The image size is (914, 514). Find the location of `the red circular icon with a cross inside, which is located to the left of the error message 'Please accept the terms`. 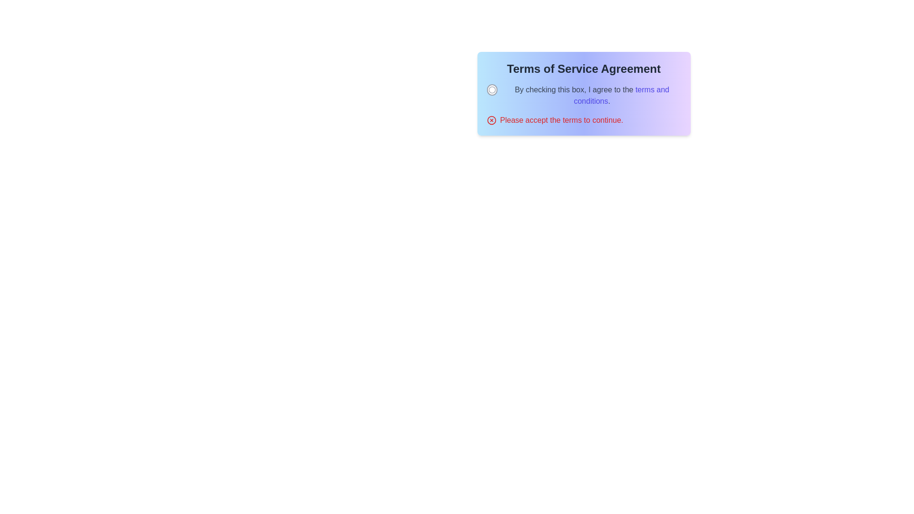

the red circular icon with a cross inside, which is located to the left of the error message 'Please accept the terms is located at coordinates (491, 120).